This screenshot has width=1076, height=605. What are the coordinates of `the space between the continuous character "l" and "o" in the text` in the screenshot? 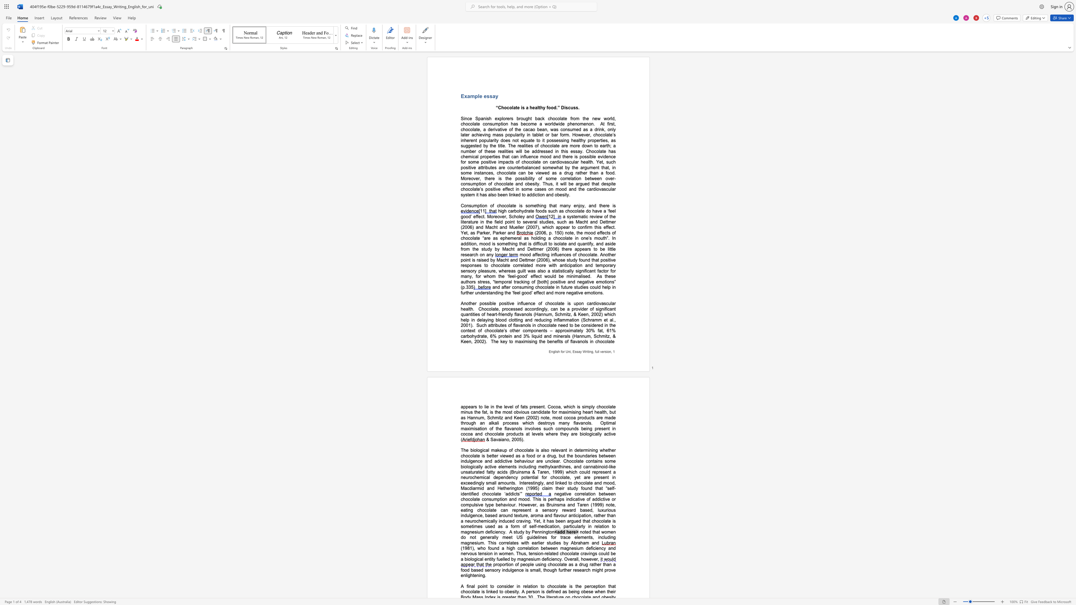 It's located at (587, 434).